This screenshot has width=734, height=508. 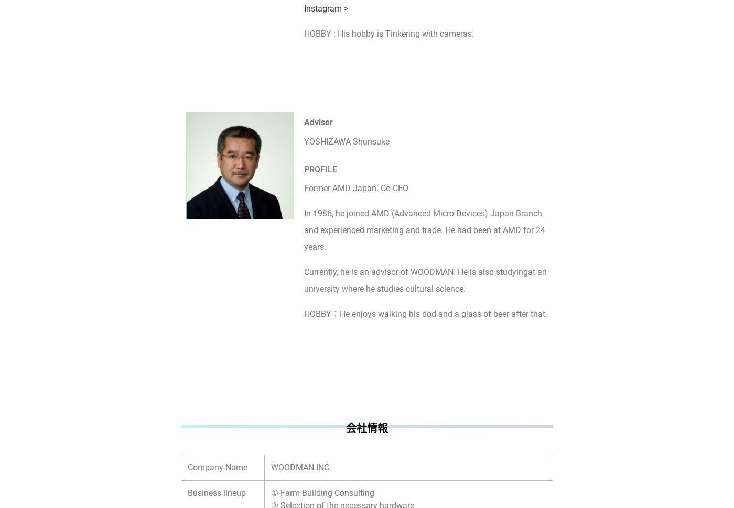 I want to click on 'Adviser', so click(x=318, y=122).